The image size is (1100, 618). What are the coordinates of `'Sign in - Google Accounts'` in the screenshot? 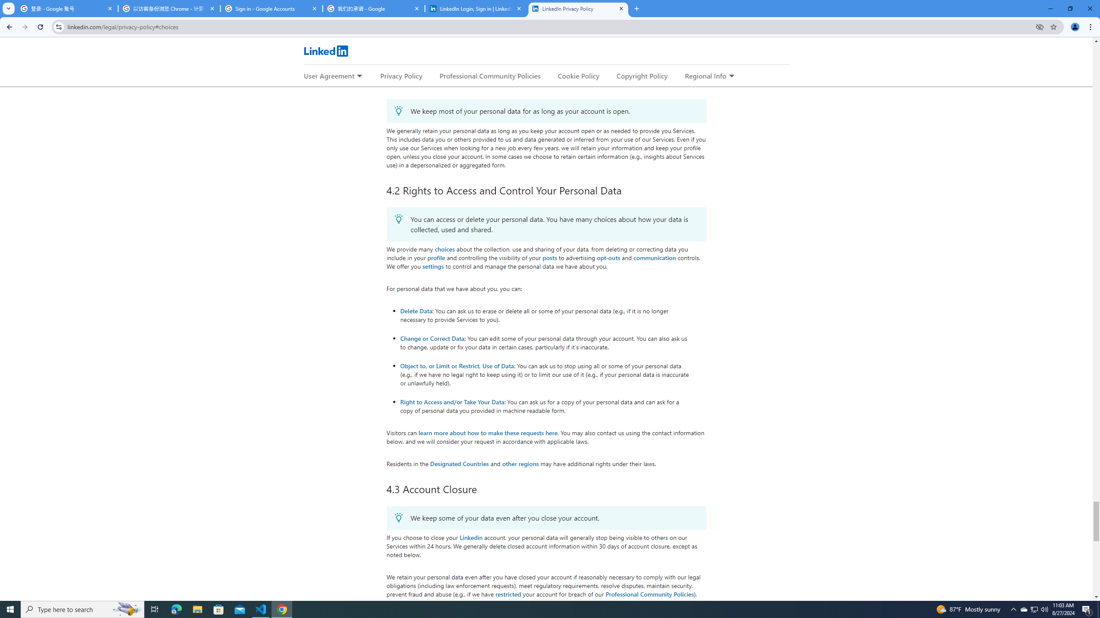 It's located at (271, 8).